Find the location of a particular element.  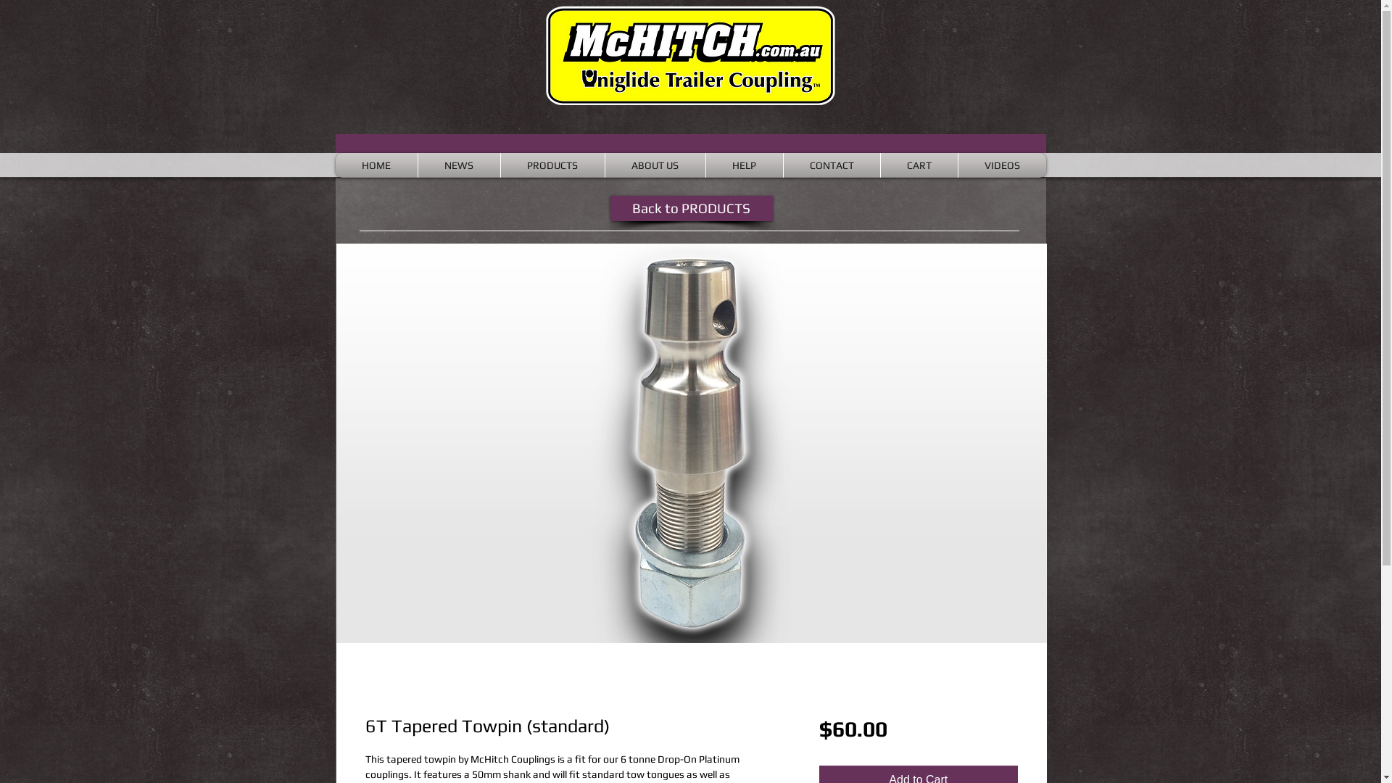

'ABOUT US' is located at coordinates (609, 164).